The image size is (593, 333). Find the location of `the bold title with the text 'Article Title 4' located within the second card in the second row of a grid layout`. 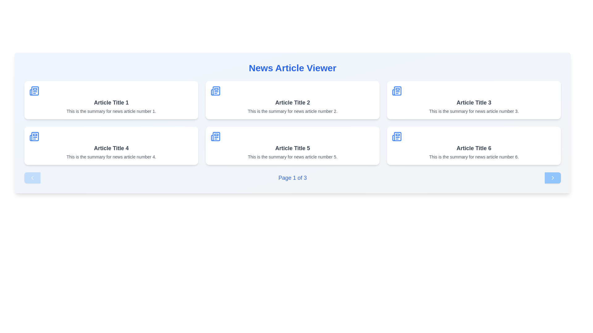

the bold title with the text 'Article Title 4' located within the second card in the second row of a grid layout is located at coordinates (111, 148).